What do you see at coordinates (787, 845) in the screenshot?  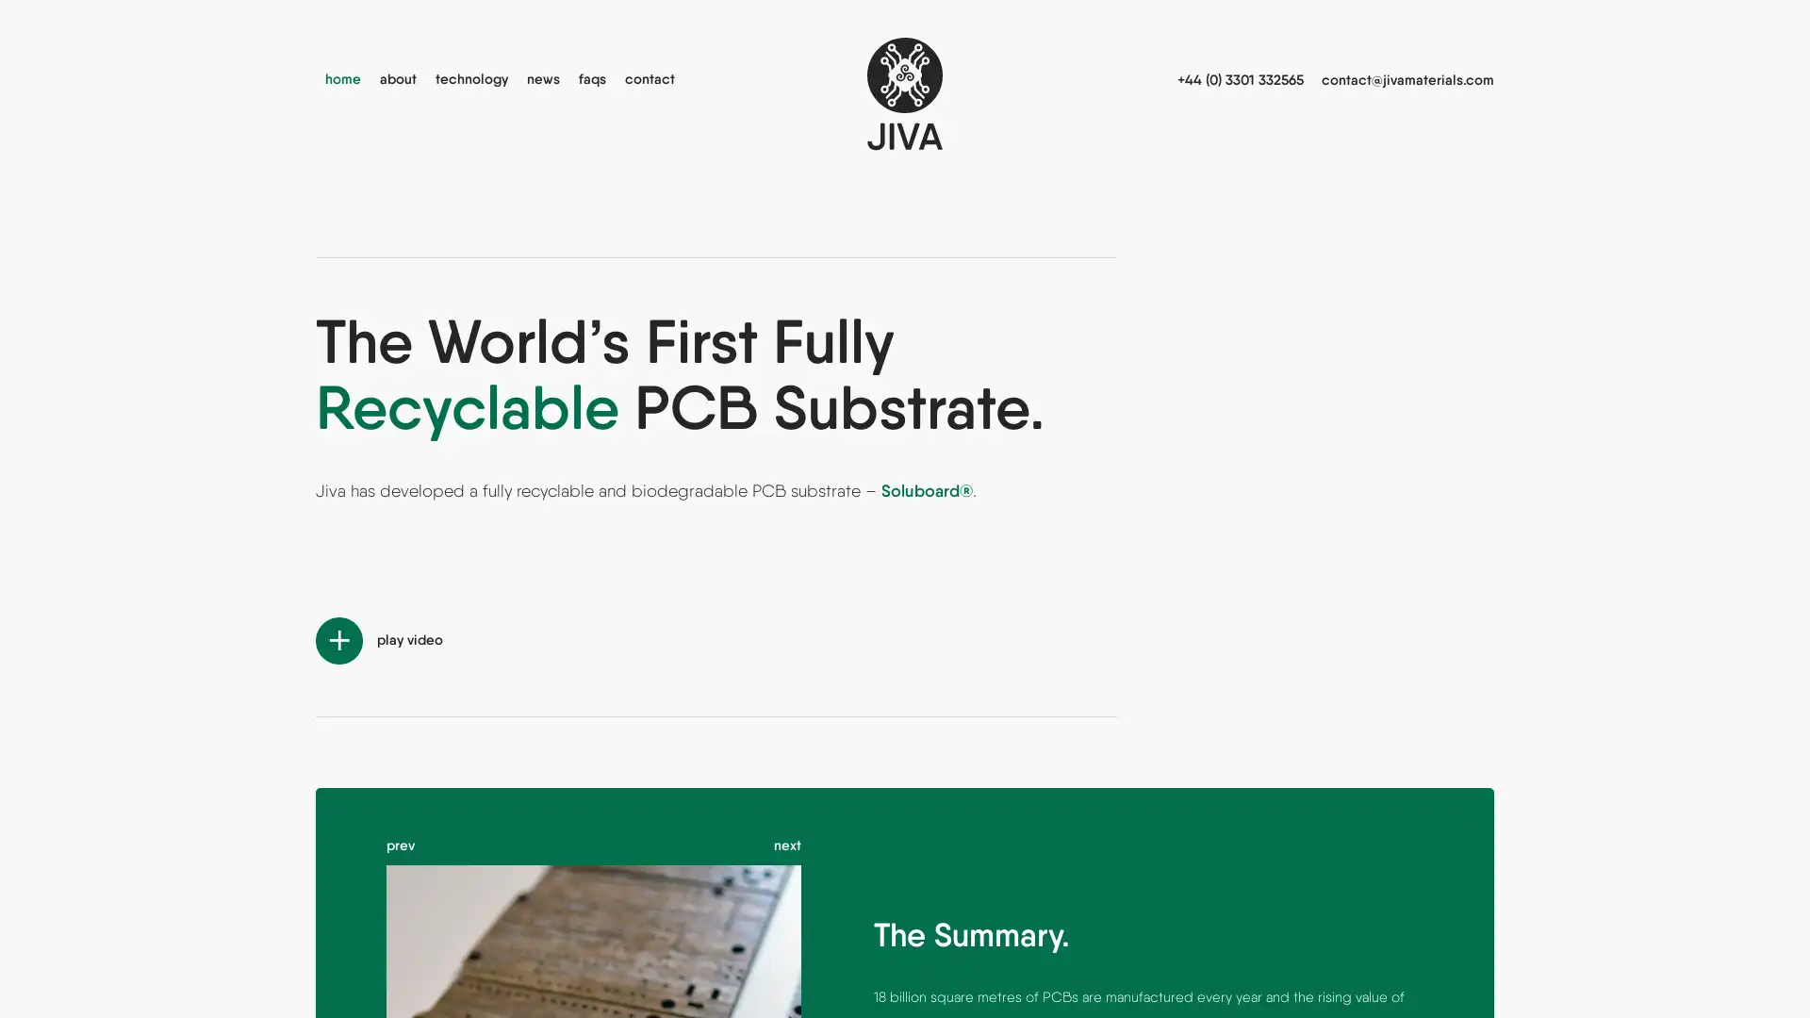 I see `next` at bounding box center [787, 845].